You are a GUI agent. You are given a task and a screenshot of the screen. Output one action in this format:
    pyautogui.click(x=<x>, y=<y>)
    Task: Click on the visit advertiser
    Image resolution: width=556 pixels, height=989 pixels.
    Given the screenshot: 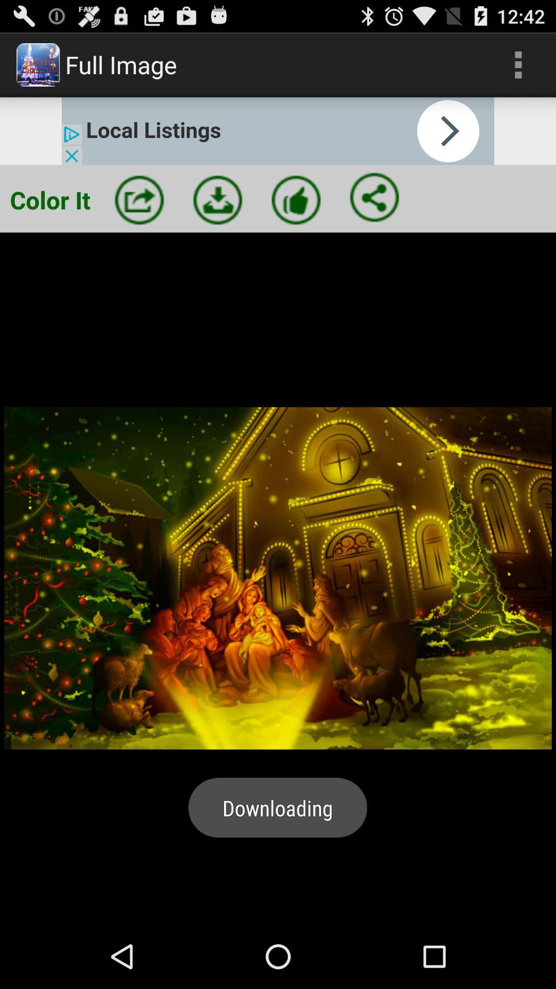 What is the action you would take?
    pyautogui.click(x=278, y=130)
    